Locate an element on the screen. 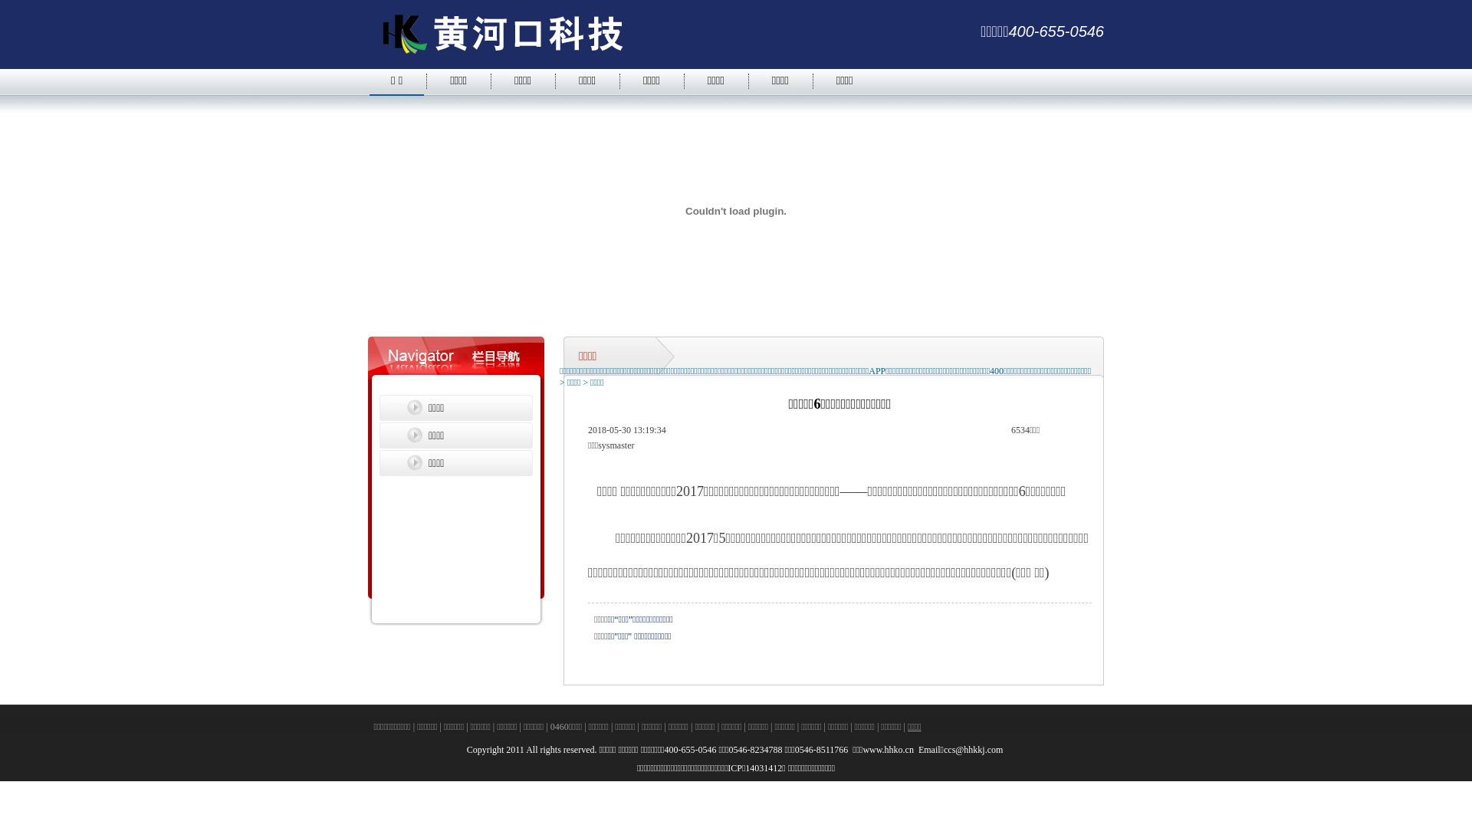 The width and height of the screenshot is (1472, 828). 'ccs@hhkkj.com ' is located at coordinates (974, 749).